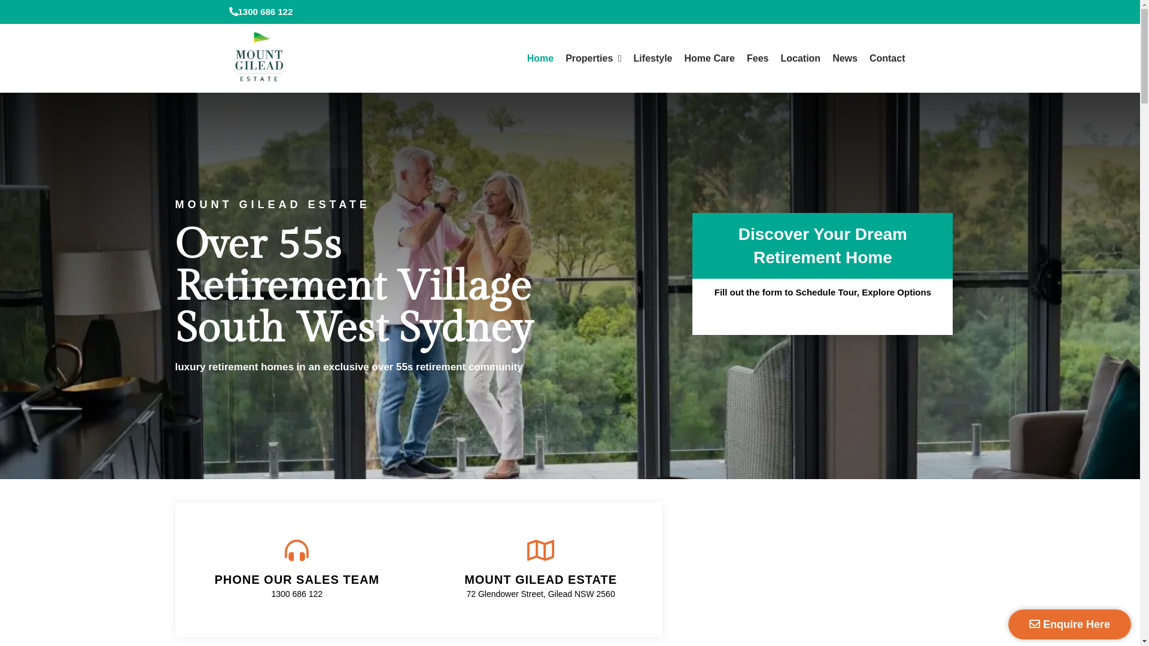 The image size is (1149, 646). Describe the element at coordinates (844, 58) in the screenshot. I see `'News'` at that location.